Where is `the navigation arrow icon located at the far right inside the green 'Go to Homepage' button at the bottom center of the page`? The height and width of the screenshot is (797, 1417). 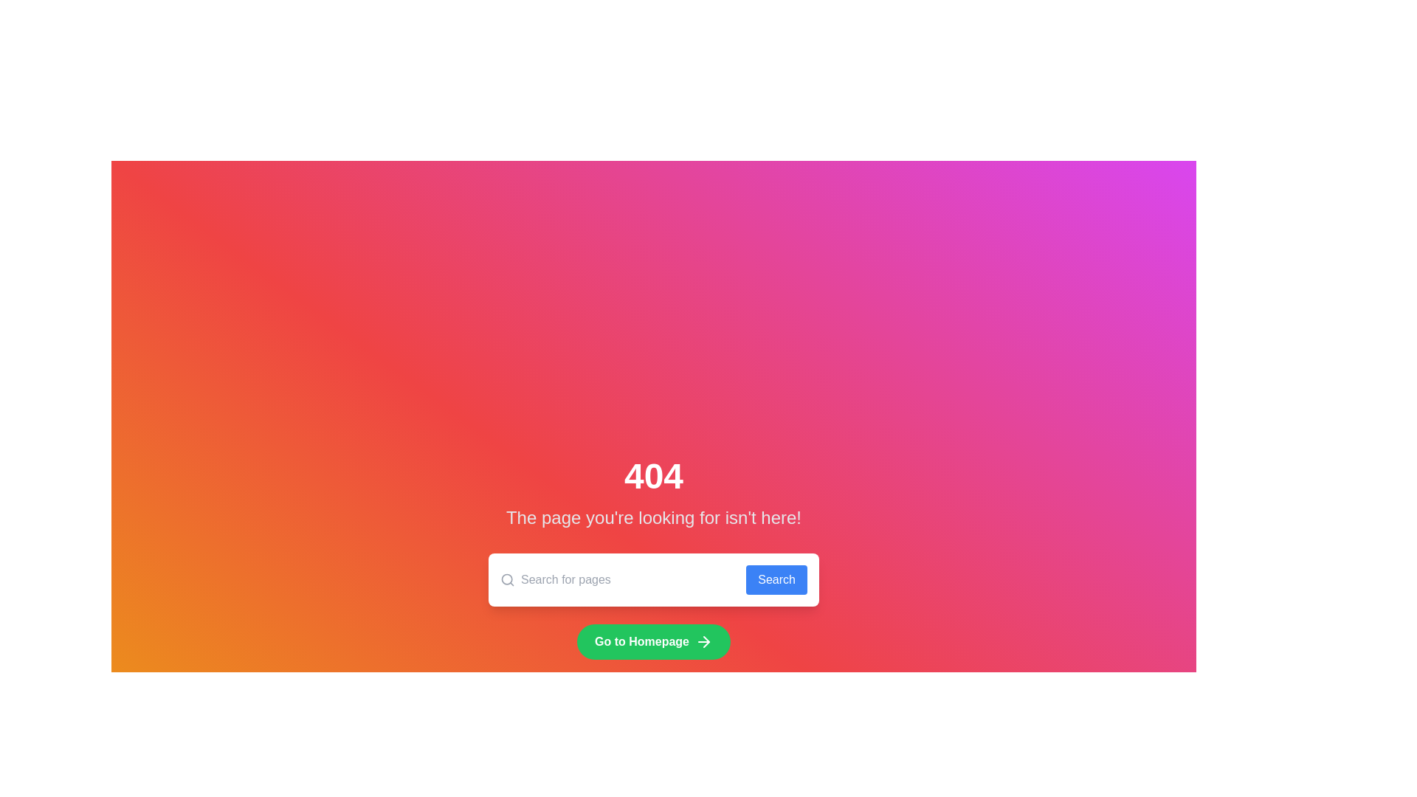 the navigation arrow icon located at the far right inside the green 'Go to Homepage' button at the bottom center of the page is located at coordinates (703, 641).